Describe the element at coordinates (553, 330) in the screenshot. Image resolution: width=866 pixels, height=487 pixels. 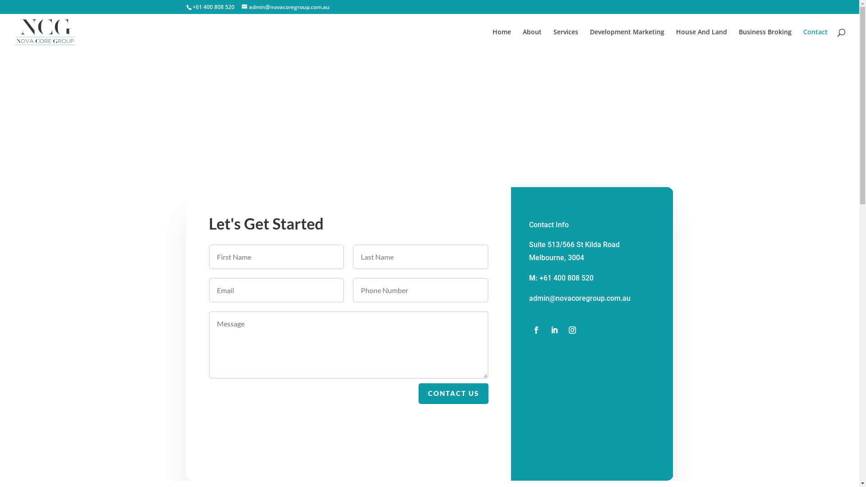
I see `'Follow on LinkedIn'` at that location.